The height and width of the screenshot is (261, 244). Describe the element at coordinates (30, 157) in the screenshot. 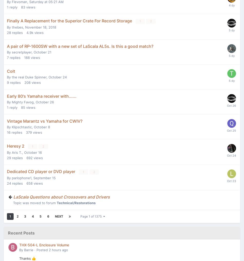

I see `'692'` at that location.